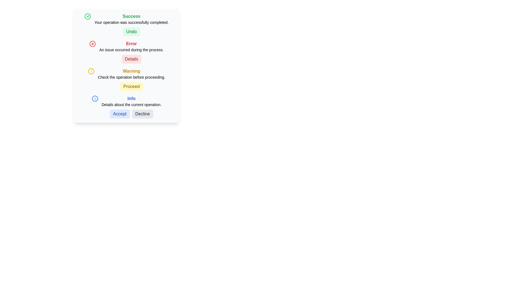 This screenshot has height=296, width=526. I want to click on the 'Details' button, which is a rounded rectangular button with red text on a light red background, located below the error message, so click(131, 59).